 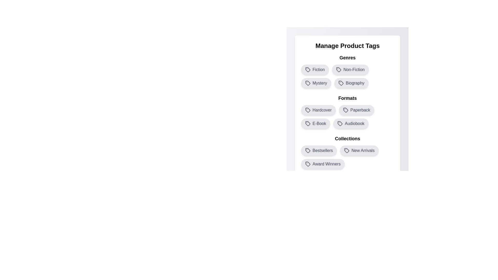 What do you see at coordinates (308, 124) in the screenshot?
I see `the 'E-Book' button which contains the SVG icon representing the 'E-Book' tag in the 'Formats' section of the 'Manage Product Tags' panel` at bounding box center [308, 124].